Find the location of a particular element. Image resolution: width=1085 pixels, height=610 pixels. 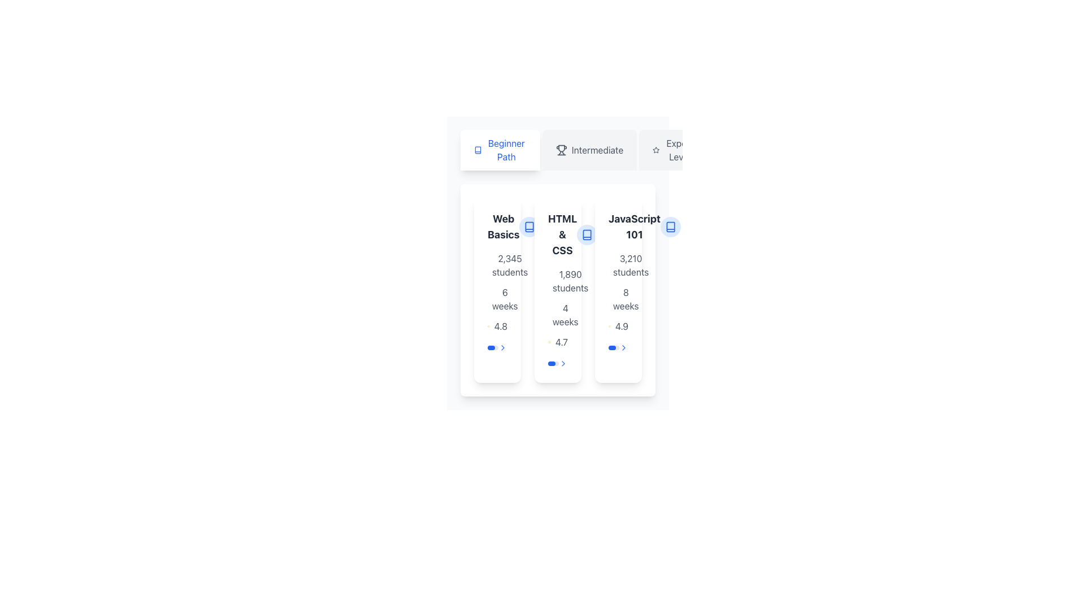

displayed number '2,345 students' from the text and icon label with a gray user icon, positioned in the 'Web Basics' card, above the '6 weeks' label is located at coordinates (497, 265).